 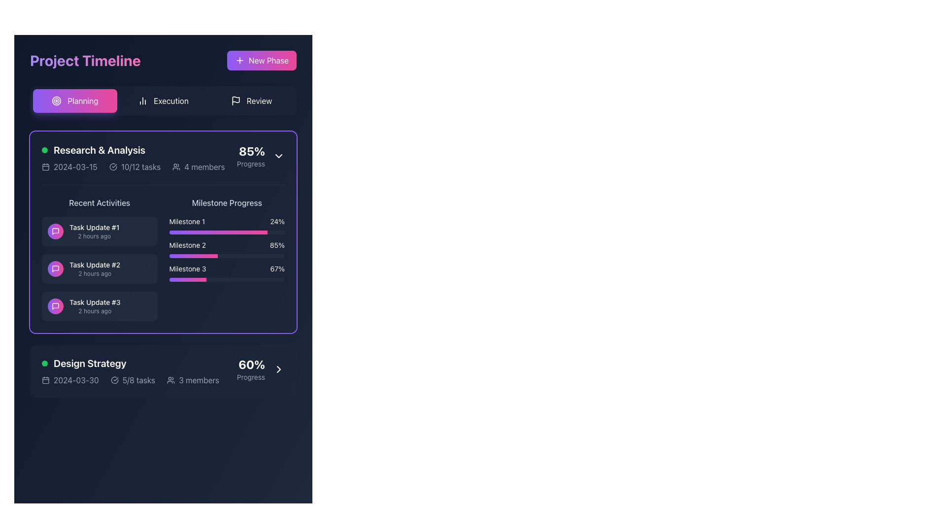 What do you see at coordinates (235, 100) in the screenshot?
I see `the flag icon located within the 'Review' tab button in the top navigation bar` at bounding box center [235, 100].